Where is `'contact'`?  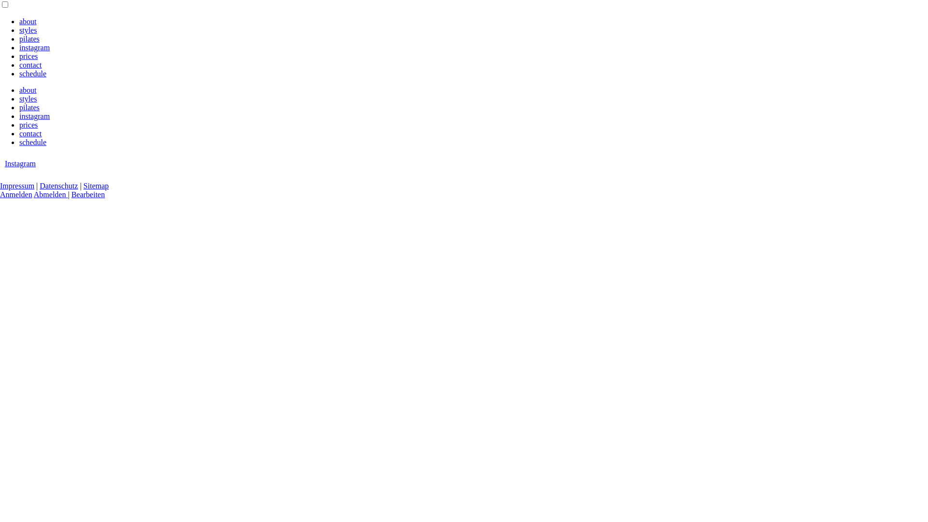
'contact' is located at coordinates (30, 65).